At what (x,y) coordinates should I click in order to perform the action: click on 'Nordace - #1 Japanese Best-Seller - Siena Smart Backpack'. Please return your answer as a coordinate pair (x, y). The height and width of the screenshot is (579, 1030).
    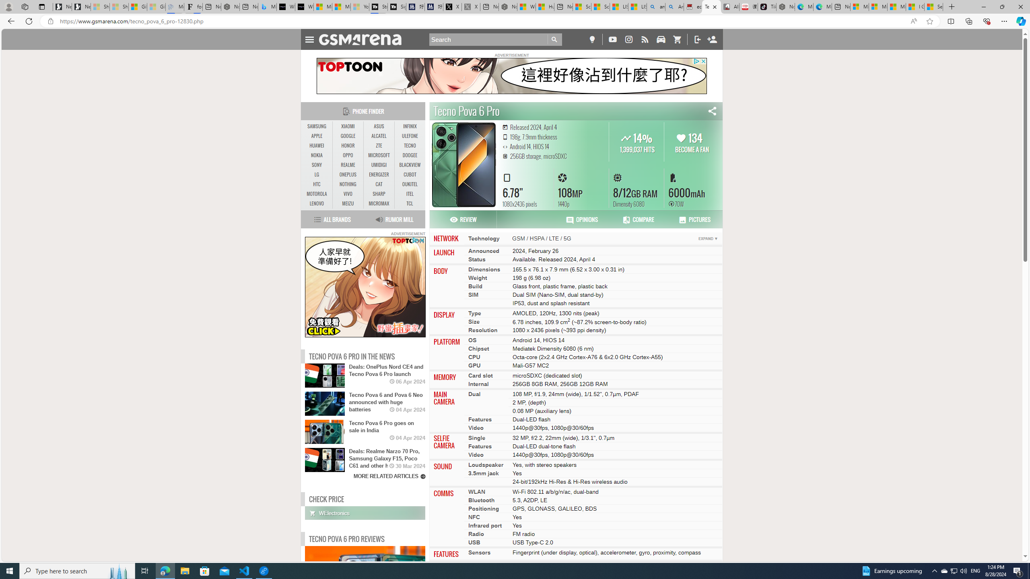
    Looking at the image, I should click on (230, 6).